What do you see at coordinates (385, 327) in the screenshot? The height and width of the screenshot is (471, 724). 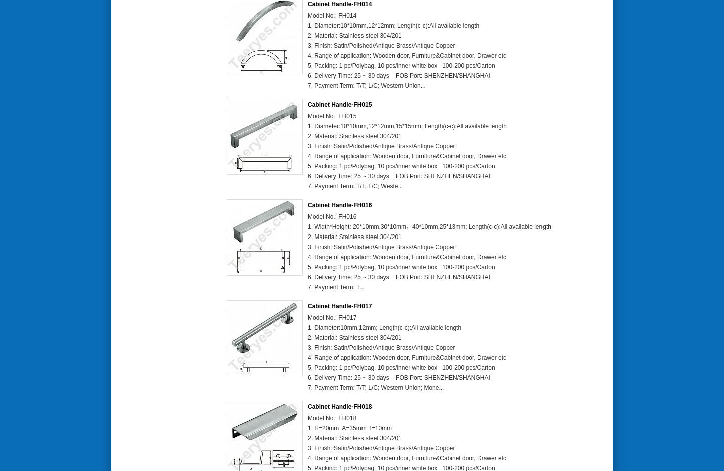 I see `'1, Diameter:10mm,12mm; Length(c-c):All available length'` at bounding box center [385, 327].